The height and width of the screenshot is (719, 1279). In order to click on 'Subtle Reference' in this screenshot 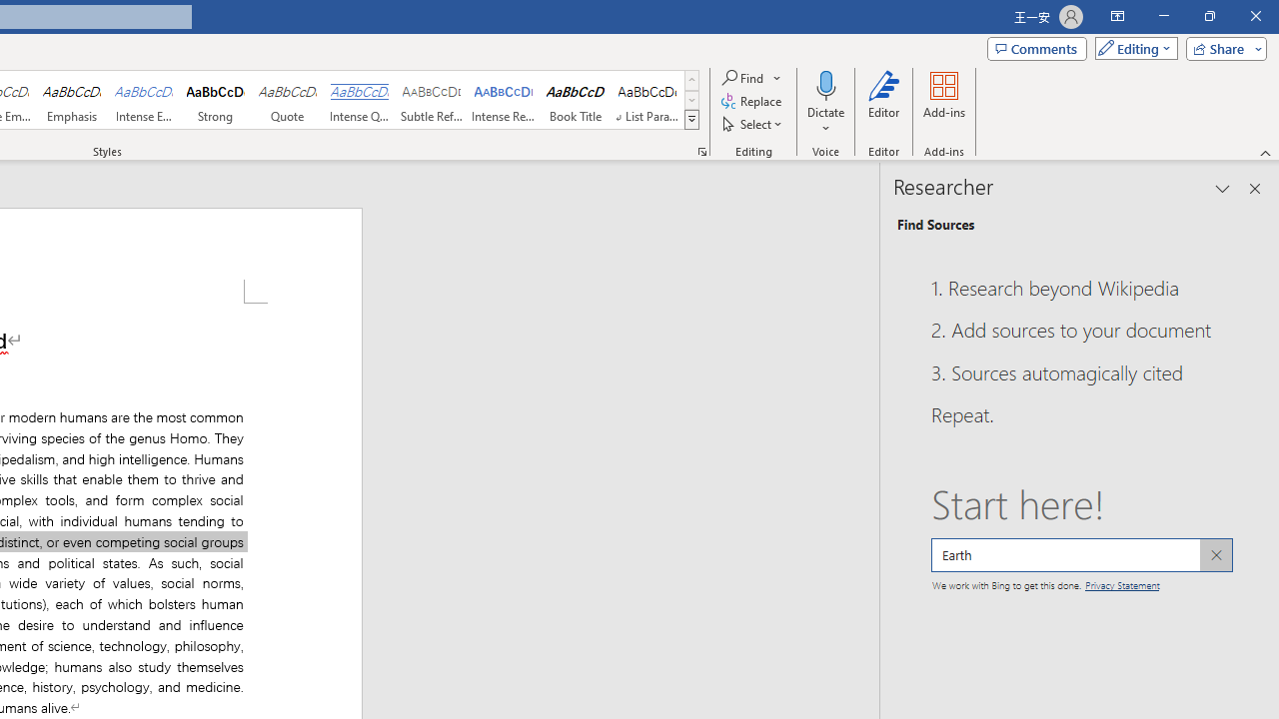, I will do `click(431, 100)`.